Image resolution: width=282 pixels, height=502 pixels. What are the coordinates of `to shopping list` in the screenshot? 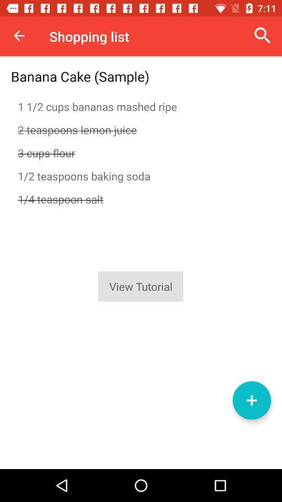 It's located at (251, 400).